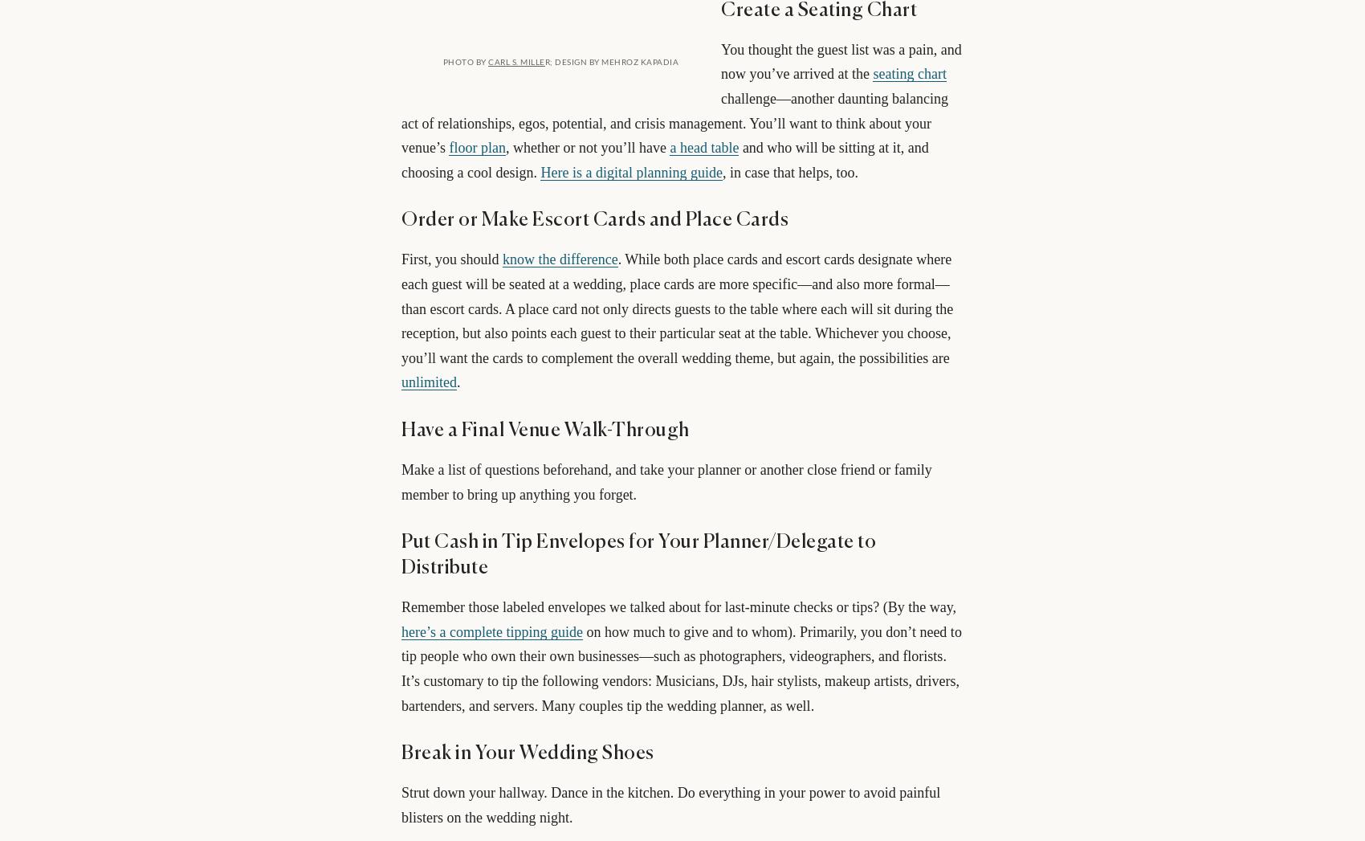  I want to click on 'r; Design by Mehroz Kapadia', so click(544, 61).